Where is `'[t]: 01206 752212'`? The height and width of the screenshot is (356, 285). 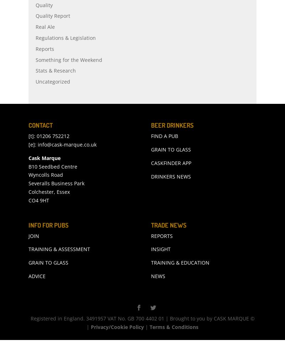
'[t]: 01206 752212' is located at coordinates (49, 151).